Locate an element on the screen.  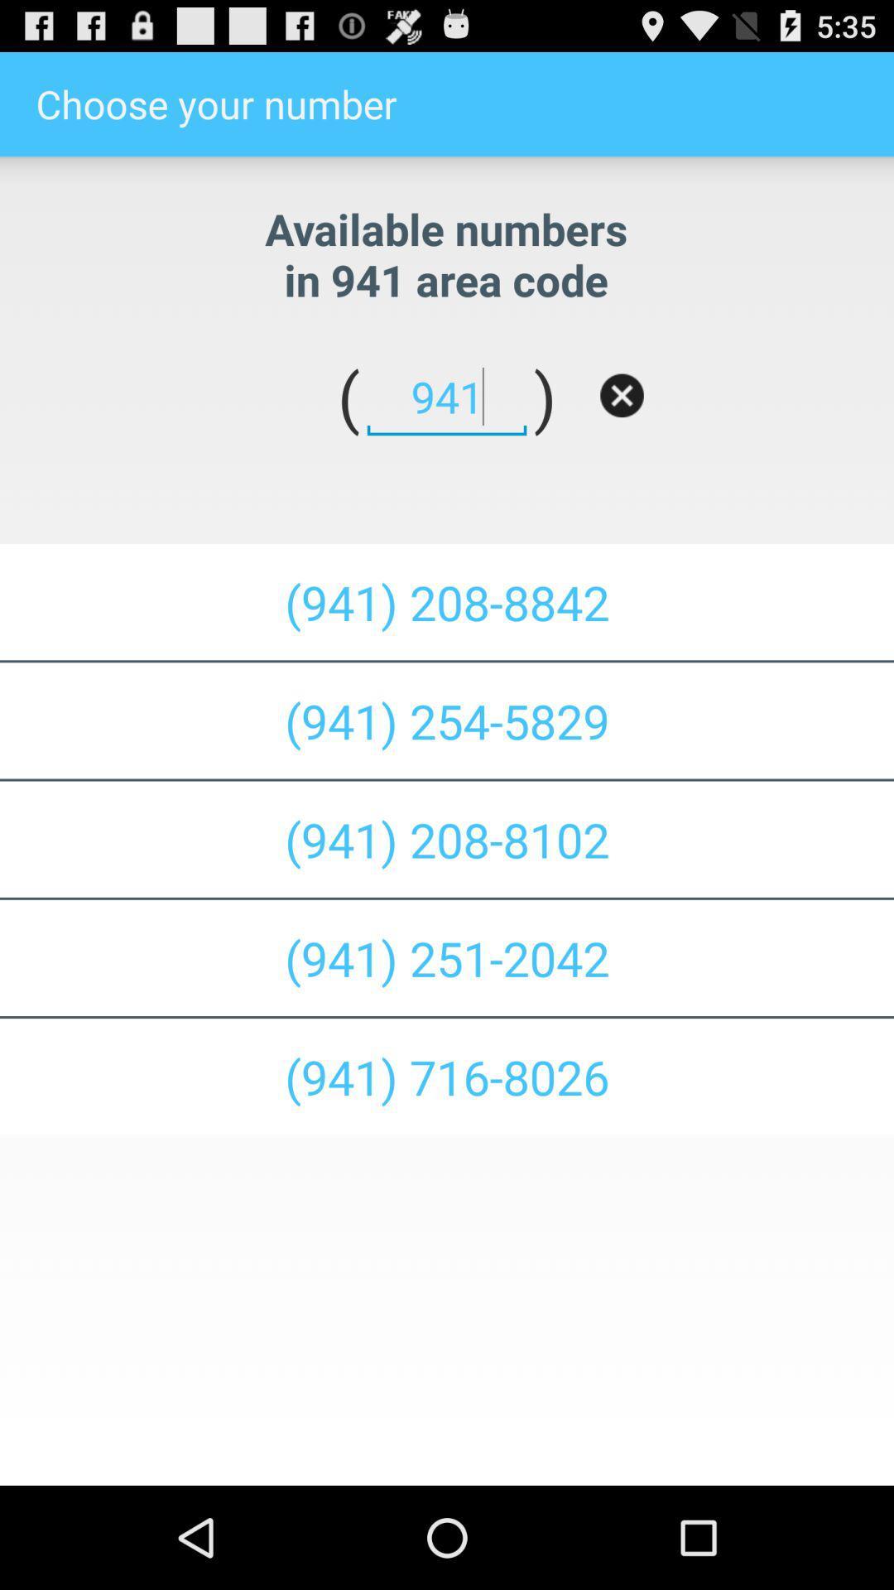
clear text is located at coordinates (622, 394).